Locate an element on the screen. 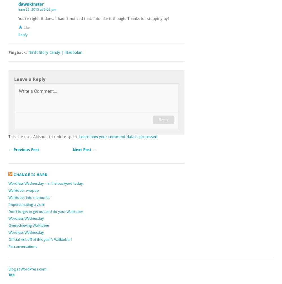 The image size is (282, 284). 'Don’t forget to get out and do your Walktober' is located at coordinates (8, 211).